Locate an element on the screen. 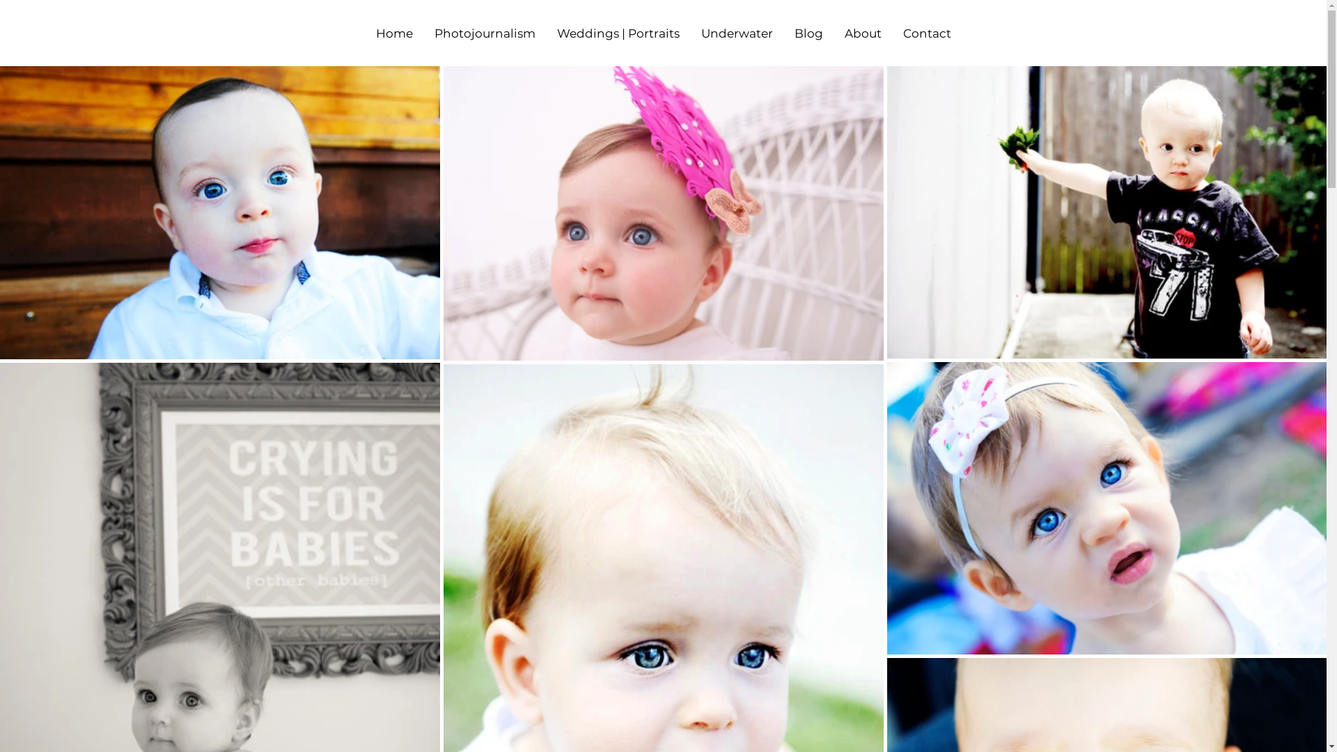 The height and width of the screenshot is (752, 1337). 'Underwater' is located at coordinates (689, 33).